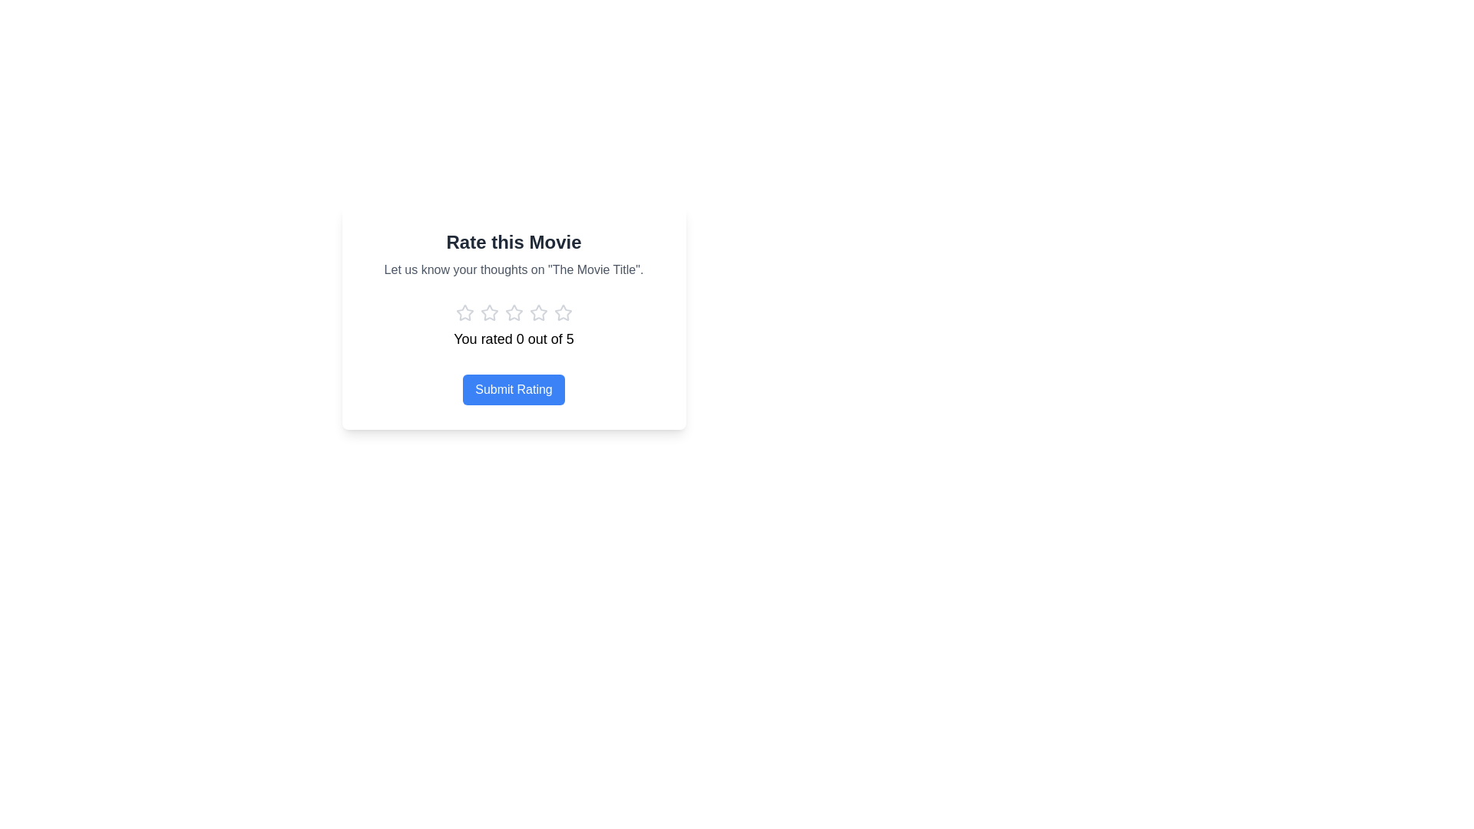 This screenshot has height=829, width=1474. I want to click on the third star in the interactive rating widget located below the 'Rate this Movie' text, so click(514, 312).